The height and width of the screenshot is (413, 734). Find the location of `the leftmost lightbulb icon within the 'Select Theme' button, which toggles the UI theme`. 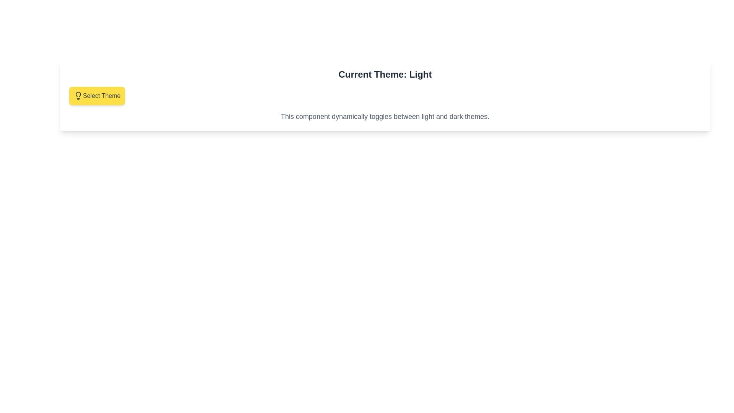

the leftmost lightbulb icon within the 'Select Theme' button, which toggles the UI theme is located at coordinates (78, 95).